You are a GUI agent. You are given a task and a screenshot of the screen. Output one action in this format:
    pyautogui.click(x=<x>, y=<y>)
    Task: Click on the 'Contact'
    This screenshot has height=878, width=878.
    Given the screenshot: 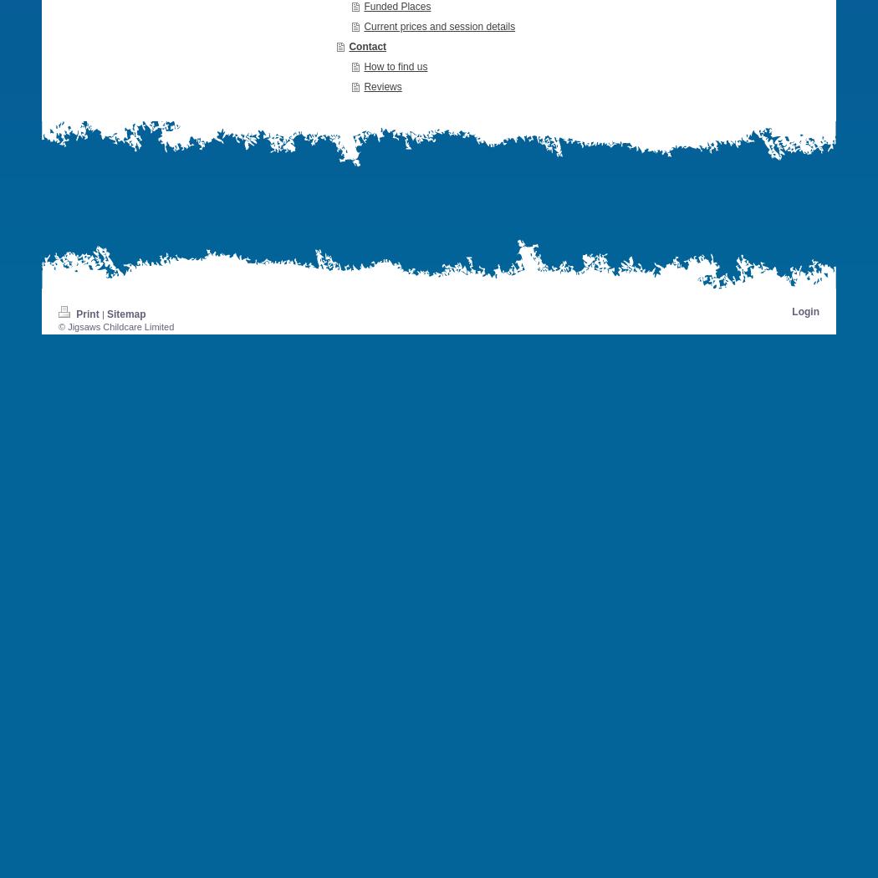 What is the action you would take?
    pyautogui.click(x=347, y=45)
    